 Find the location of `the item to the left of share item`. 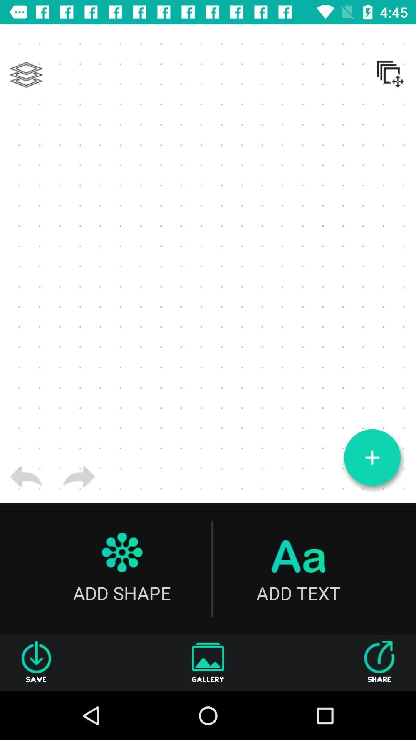

the item to the left of share item is located at coordinates (208, 663).